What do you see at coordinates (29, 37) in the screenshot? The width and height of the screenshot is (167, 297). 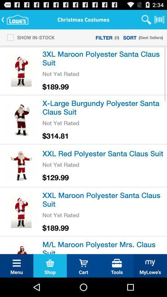 I see `show in-stock` at bounding box center [29, 37].